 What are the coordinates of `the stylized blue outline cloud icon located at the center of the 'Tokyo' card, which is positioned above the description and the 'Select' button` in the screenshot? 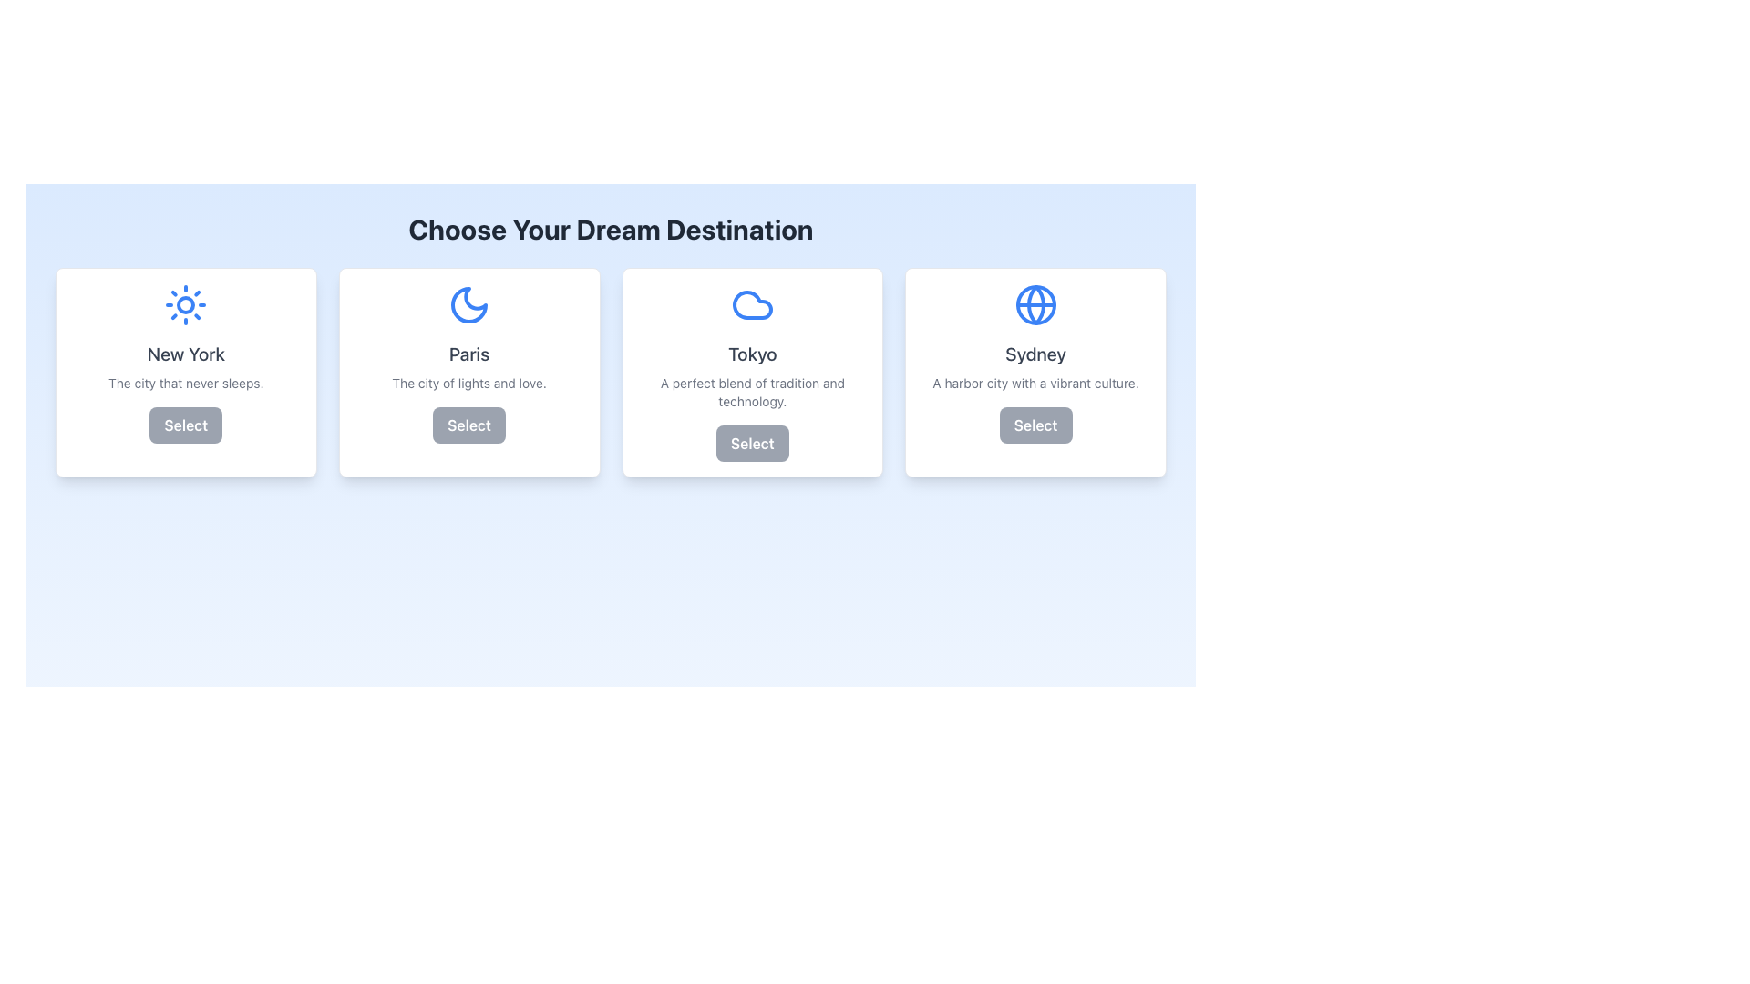 It's located at (752, 304).